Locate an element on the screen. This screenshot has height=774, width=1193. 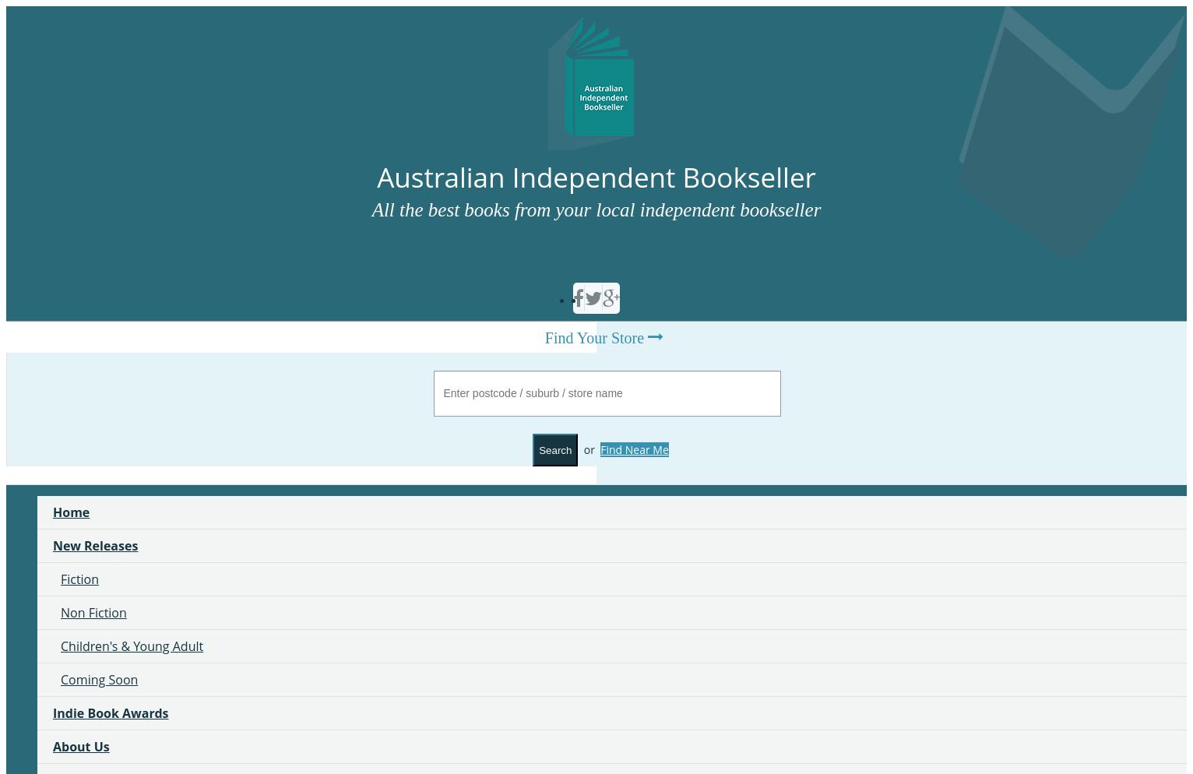
'Non Fiction' is located at coordinates (60, 611).